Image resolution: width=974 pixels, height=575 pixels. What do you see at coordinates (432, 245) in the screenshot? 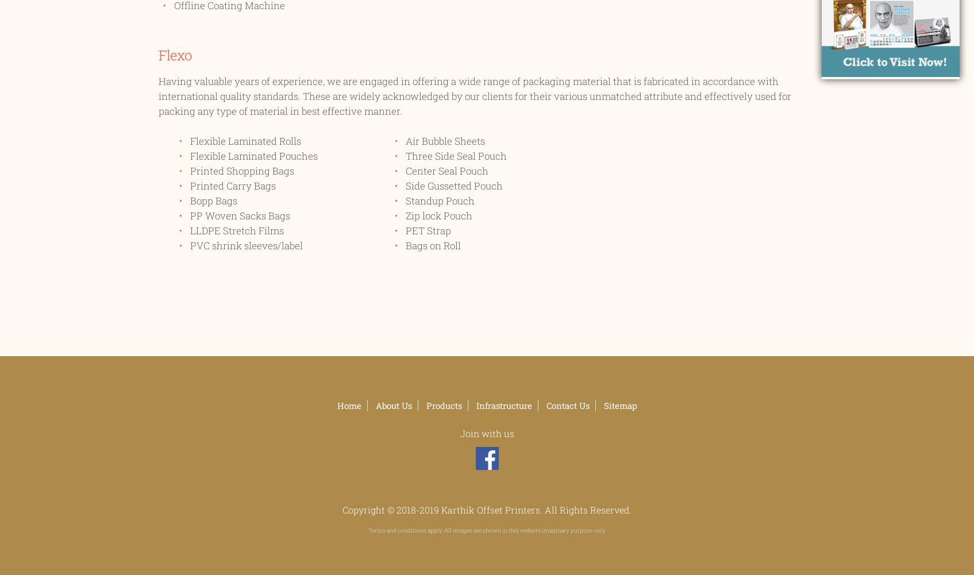
I see `'Bags on Roll'` at bounding box center [432, 245].